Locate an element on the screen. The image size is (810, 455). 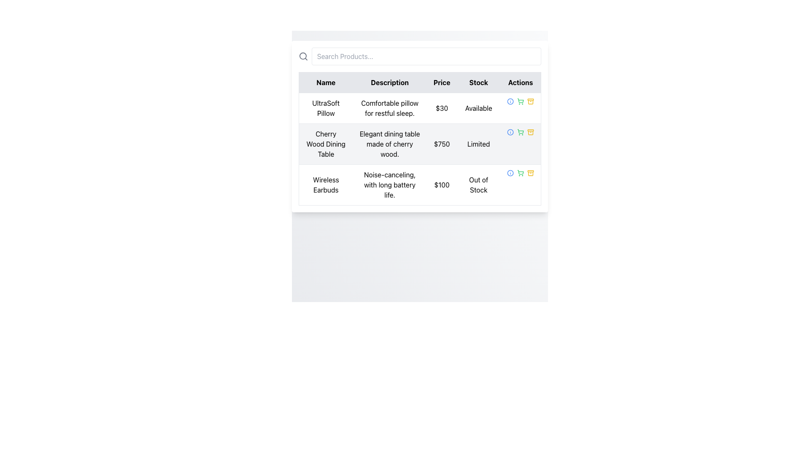
the Table header cell labeled 'Name' is located at coordinates (325, 83).